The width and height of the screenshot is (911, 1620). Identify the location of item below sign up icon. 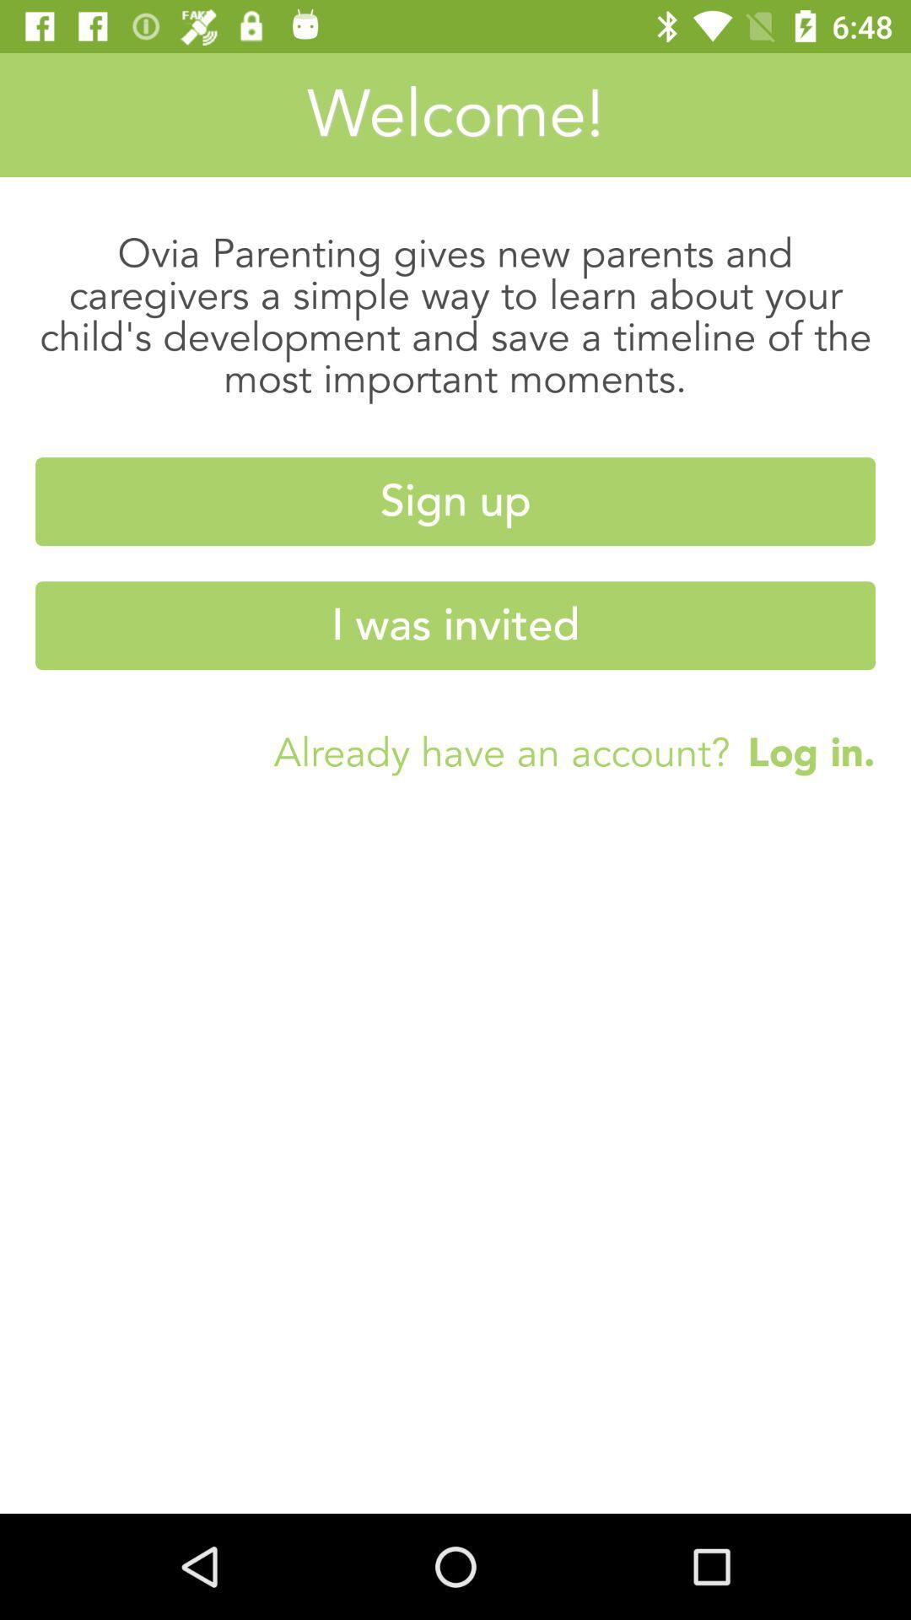
(455, 624).